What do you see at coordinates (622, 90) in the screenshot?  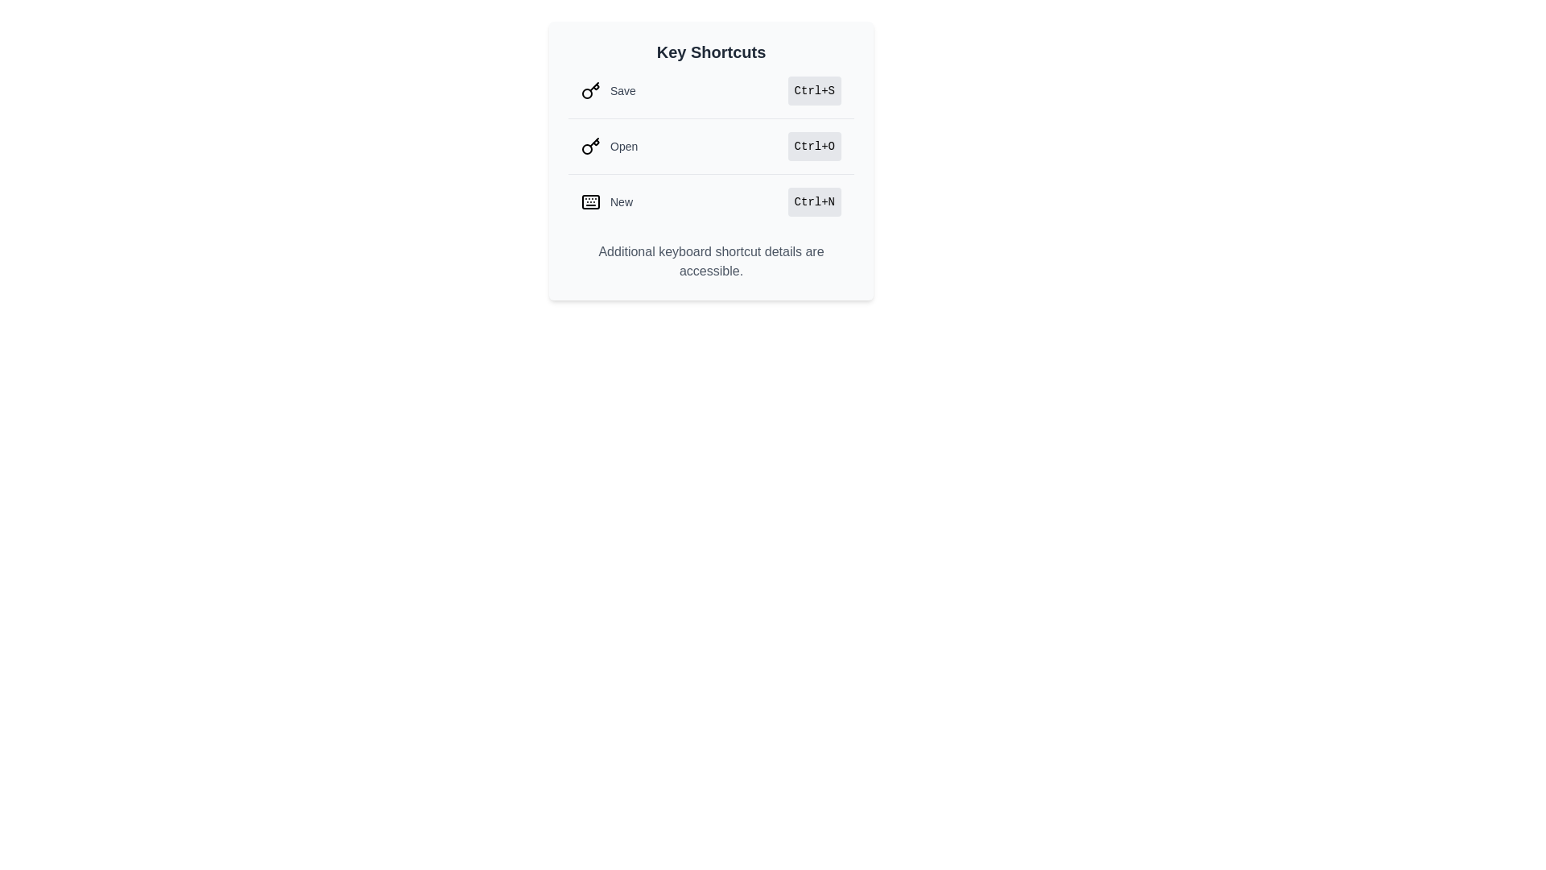 I see `the 'Save' text label in the keyboard shortcuts list, which is styled in gray and appears next to a key icon` at bounding box center [622, 90].